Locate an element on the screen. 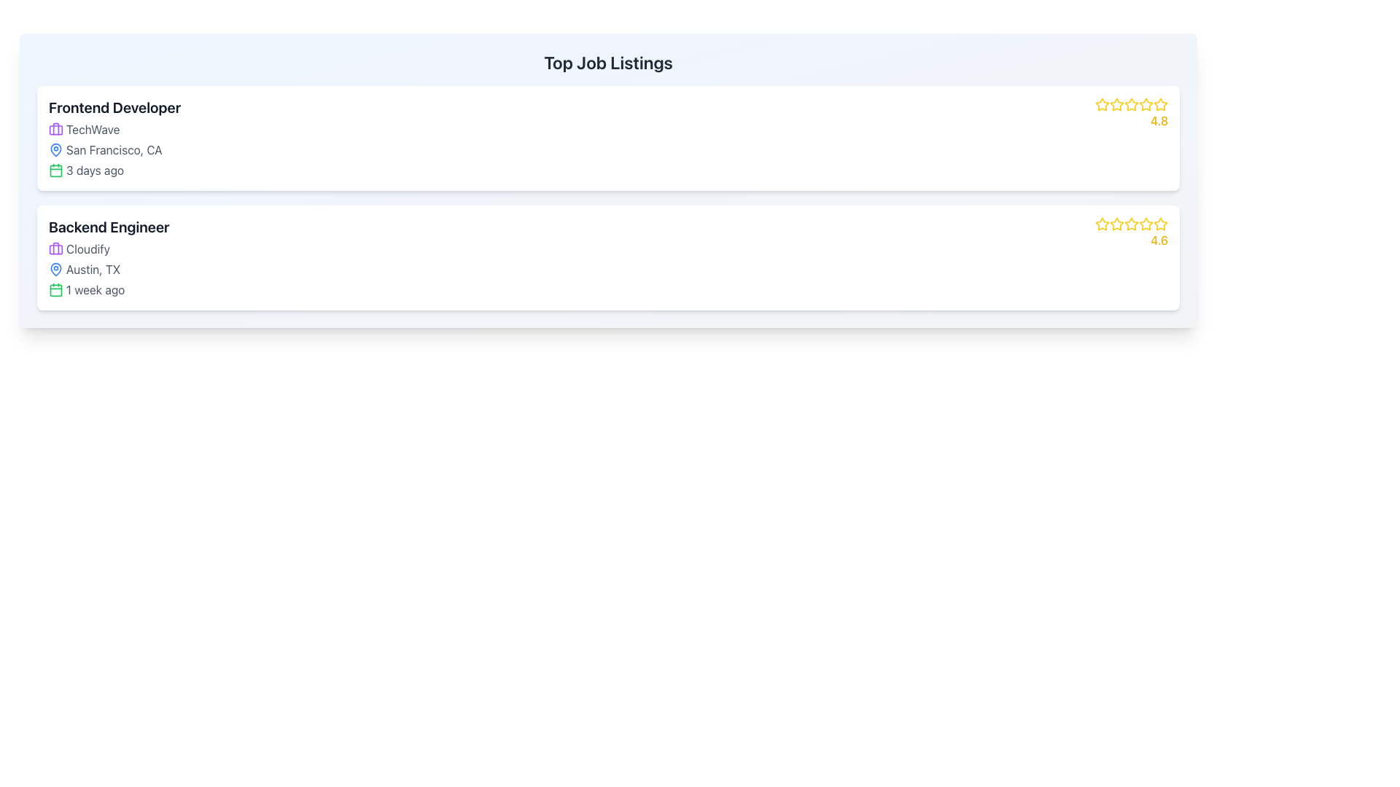 The width and height of the screenshot is (1400, 787). information provided by the Text with Icon element that indicates when the job posting for 'Backend Engineer' was created or last updated, positioned below 'Austin, TX' and aligned with a calendar icon is located at coordinates (108, 289).